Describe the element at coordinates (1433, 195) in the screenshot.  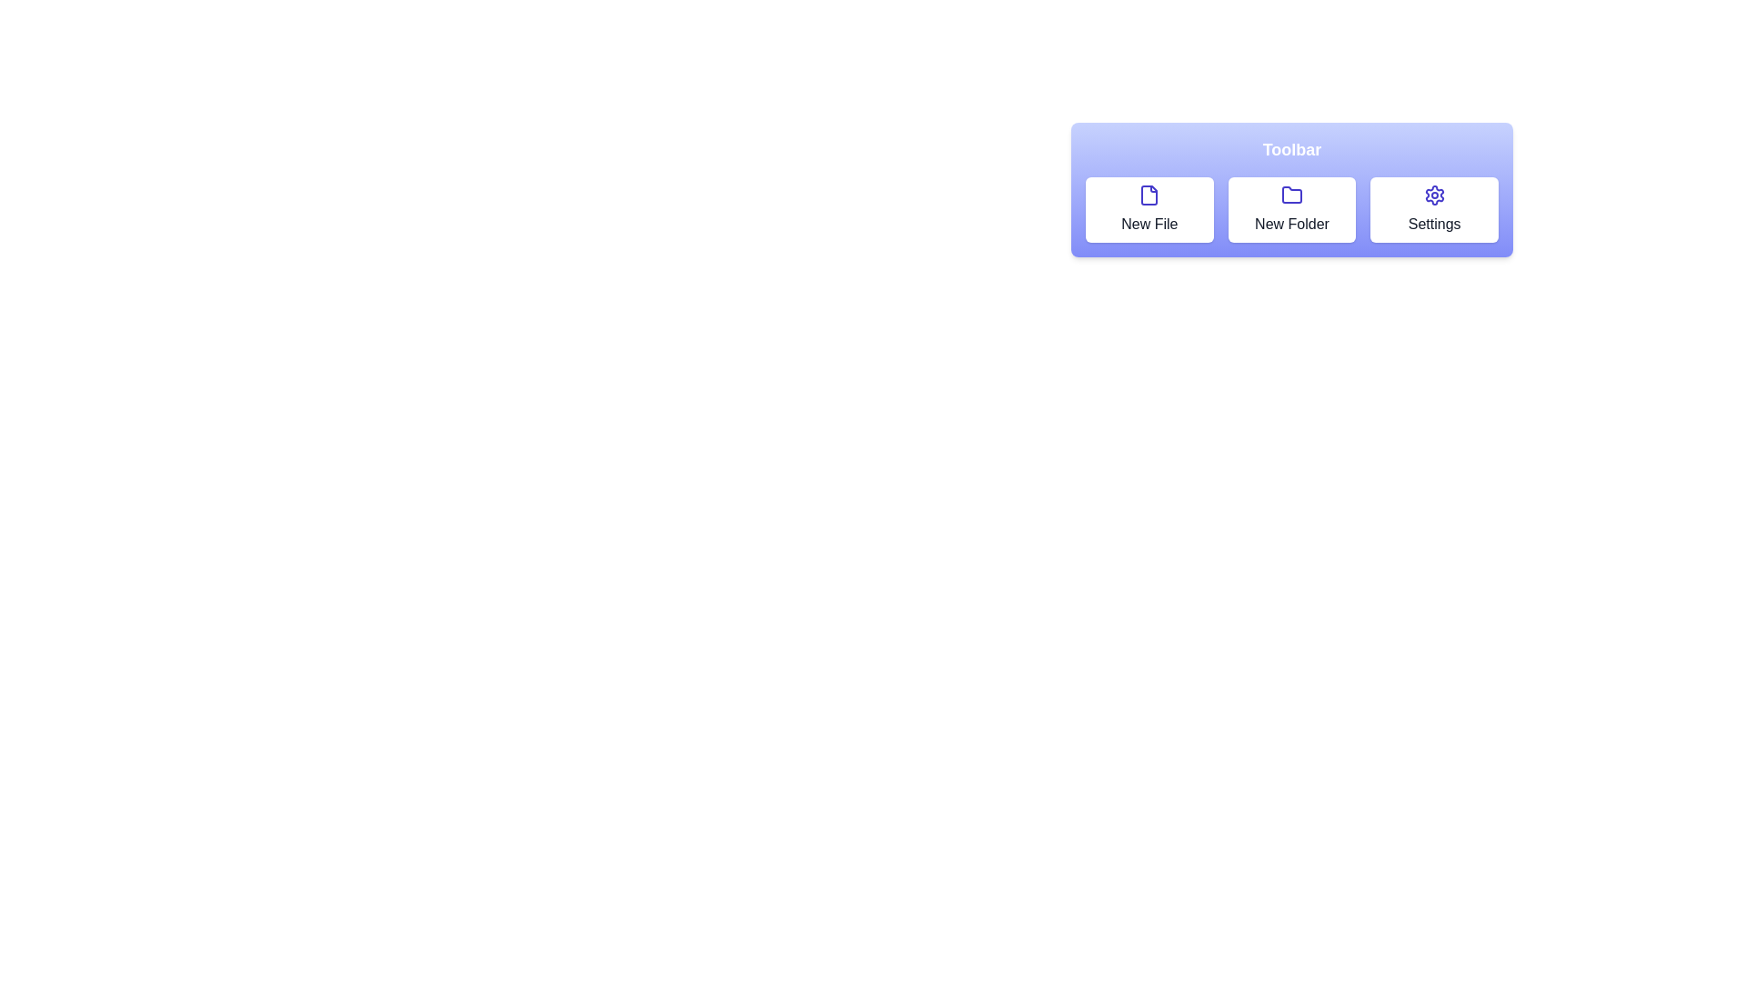
I see `the settings icon located in the rightmost interactive item of the toolbar, which is centered above the text label` at that location.